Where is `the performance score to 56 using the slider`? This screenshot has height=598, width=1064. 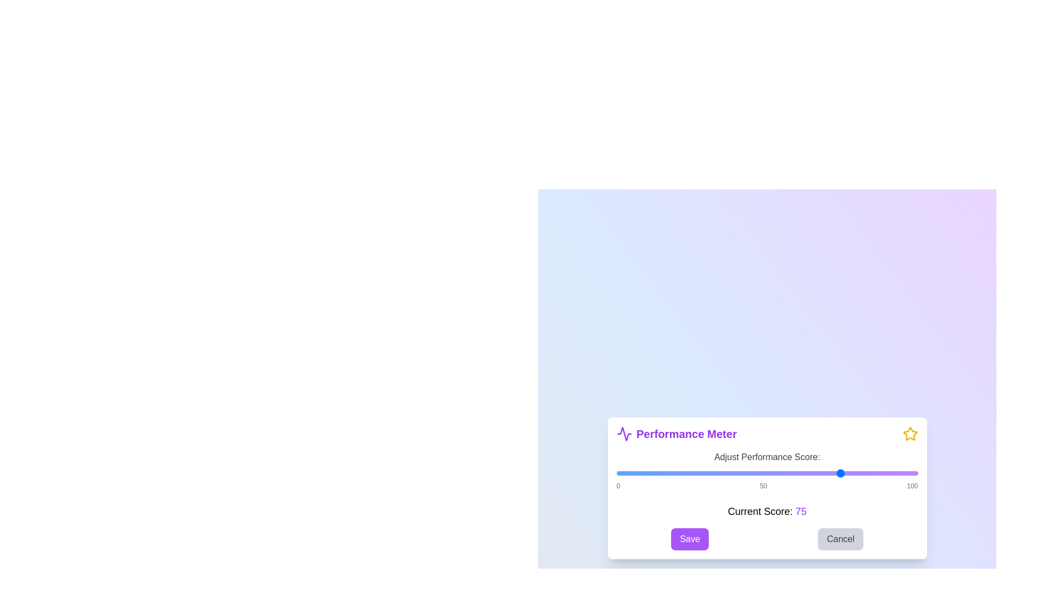
the performance score to 56 using the slider is located at coordinates (785, 473).